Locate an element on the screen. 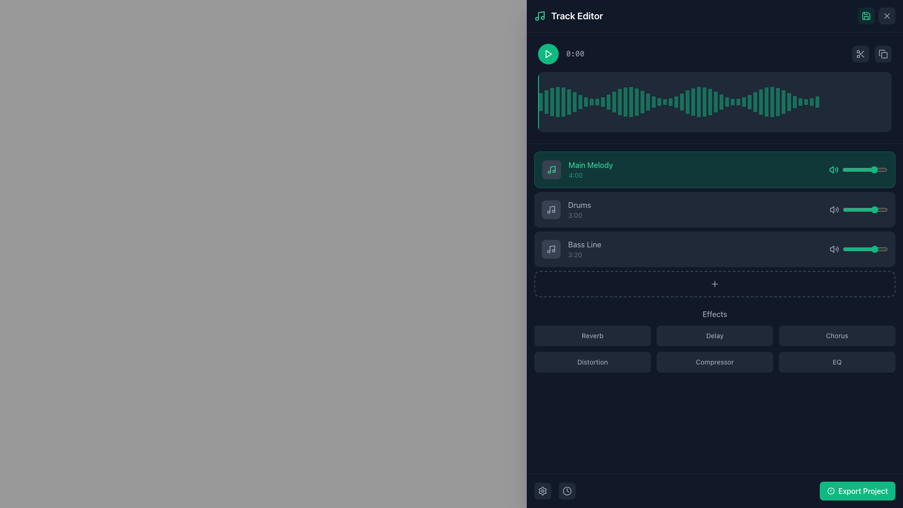 The height and width of the screenshot is (508, 903). the volume slider is located at coordinates (845, 209).